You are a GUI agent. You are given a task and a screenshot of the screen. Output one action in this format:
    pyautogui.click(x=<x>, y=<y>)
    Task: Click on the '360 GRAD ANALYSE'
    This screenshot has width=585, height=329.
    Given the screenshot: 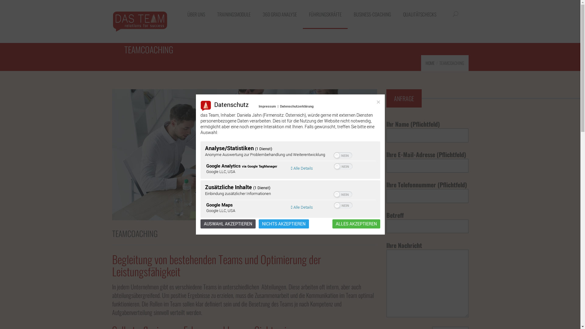 What is the action you would take?
    pyautogui.click(x=256, y=14)
    